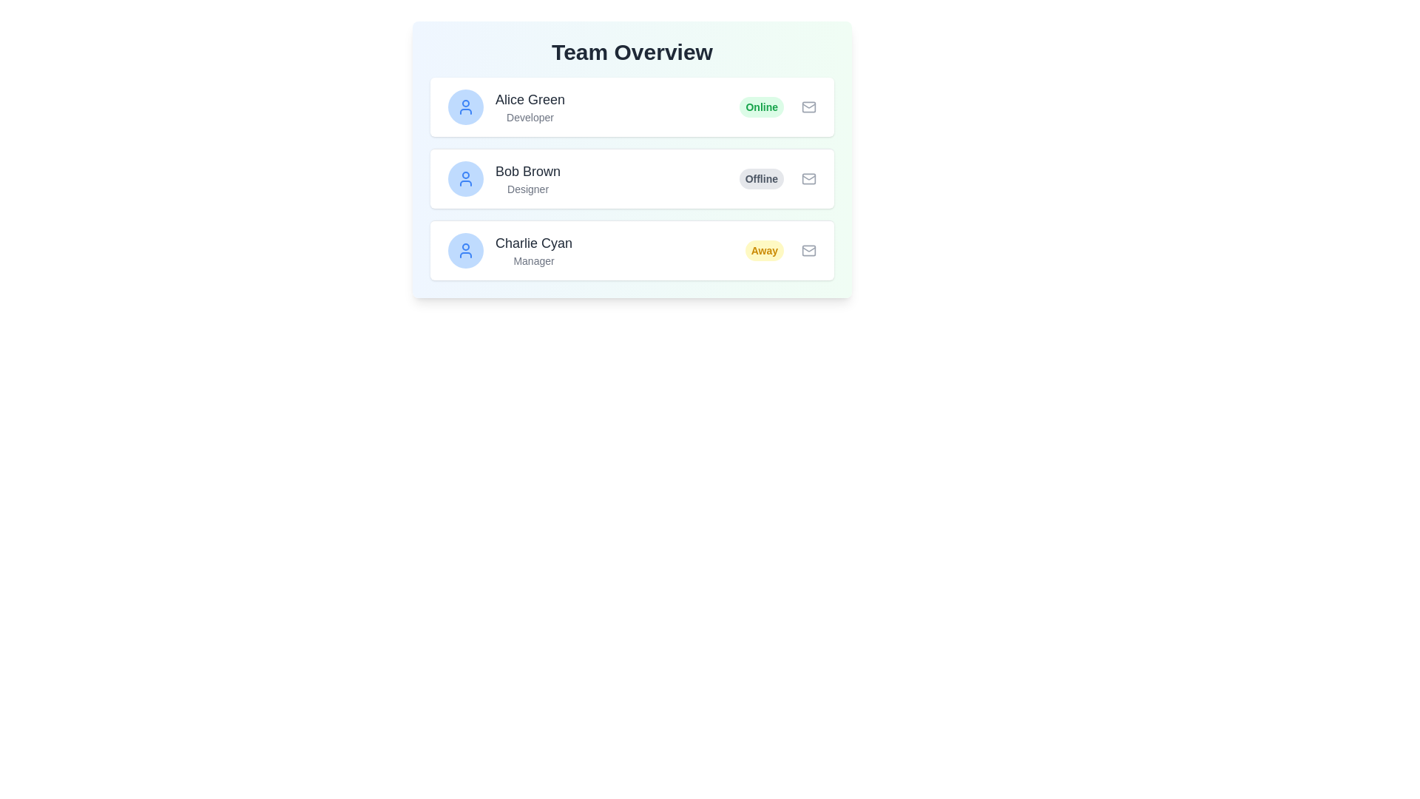 The image size is (1420, 799). I want to click on the text label indicating that 'Bob Brown' is a designer, located in the second card of the user list and positioned below the name, so click(528, 188).